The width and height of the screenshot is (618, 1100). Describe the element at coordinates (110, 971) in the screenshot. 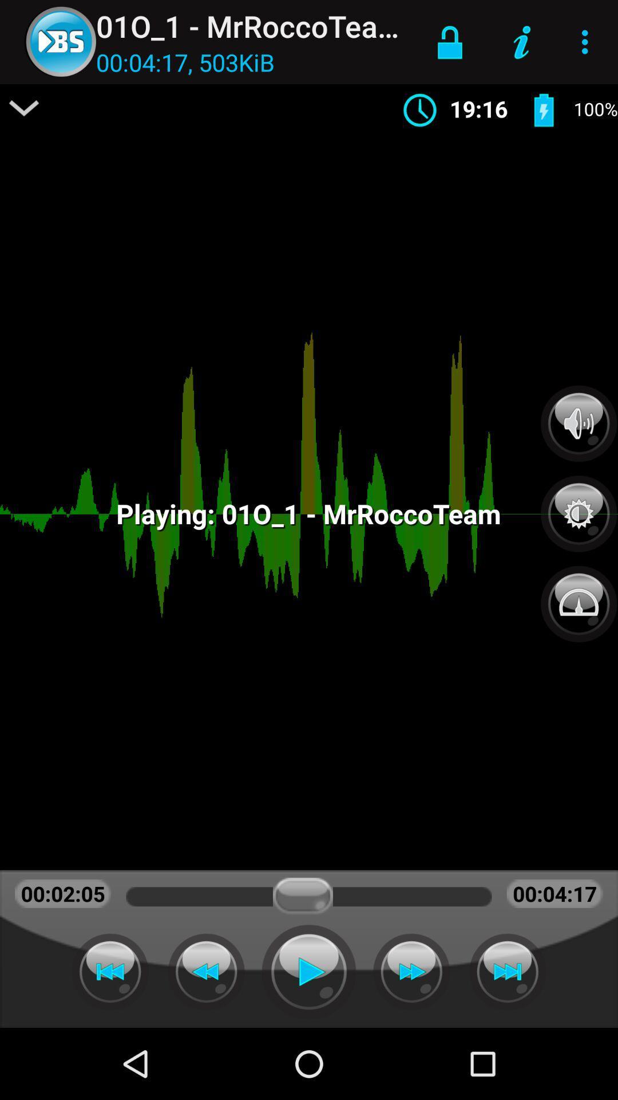

I see `go back` at that location.